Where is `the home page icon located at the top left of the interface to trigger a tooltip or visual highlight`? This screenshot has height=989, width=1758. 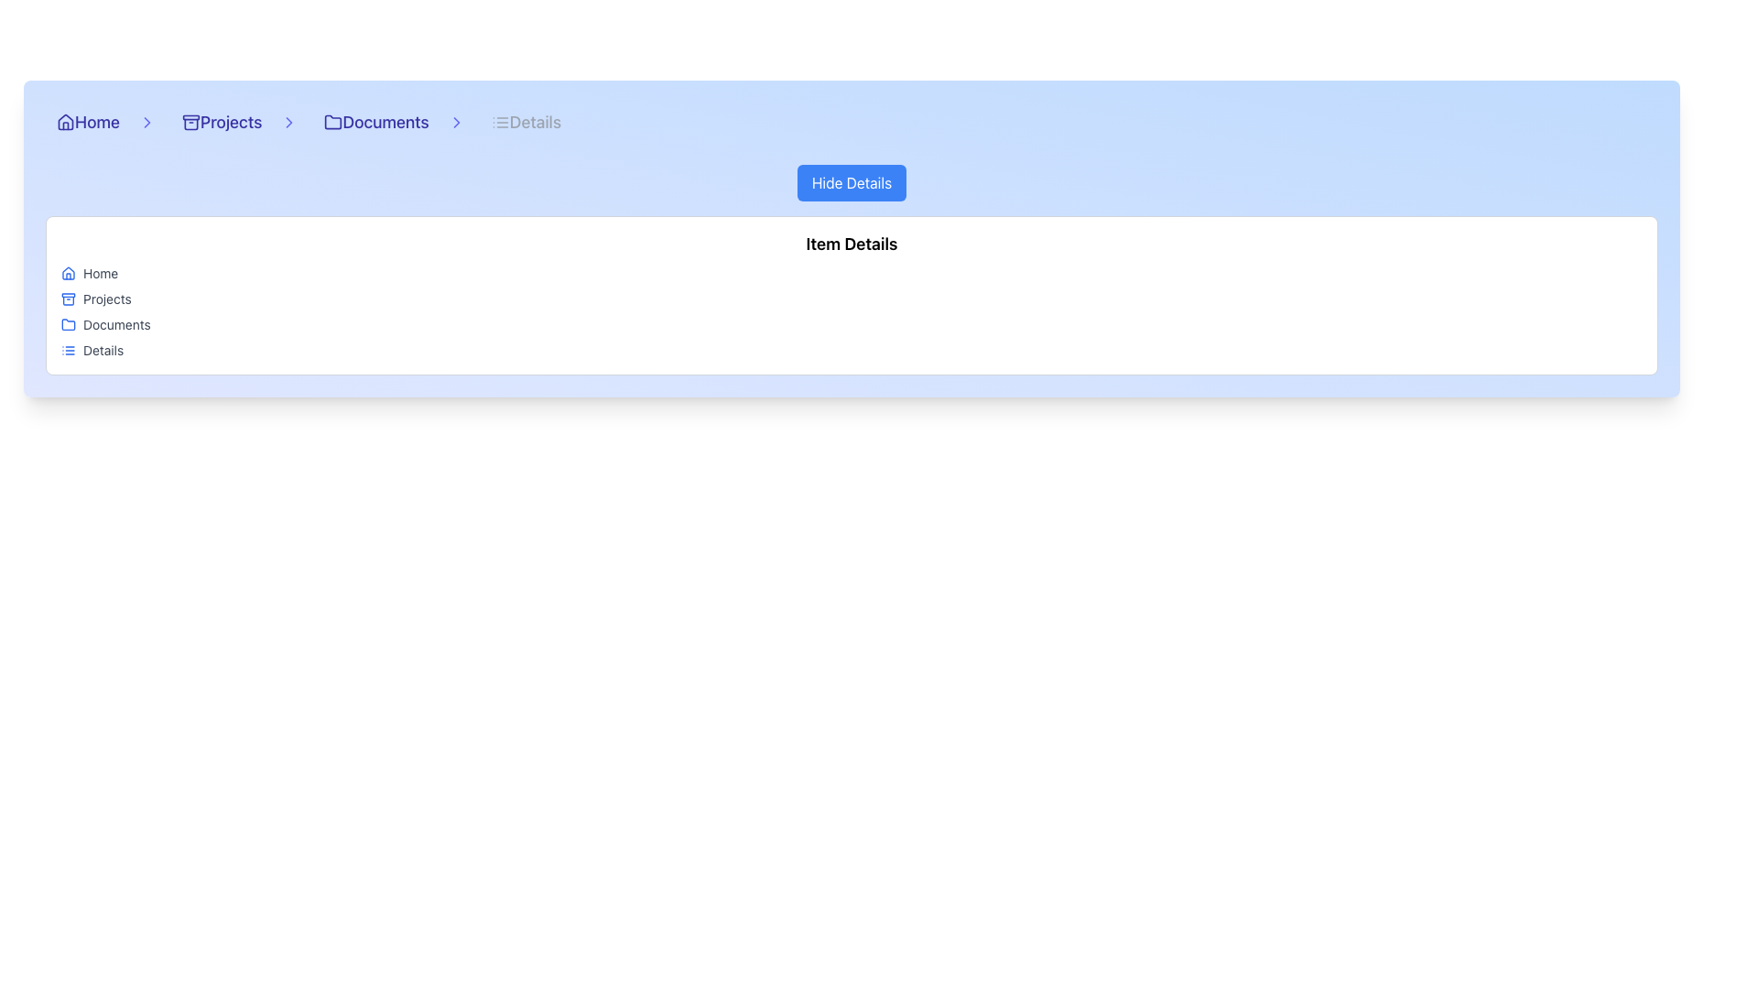 the home page icon located at the top left of the interface to trigger a tooltip or visual highlight is located at coordinates (66, 121).